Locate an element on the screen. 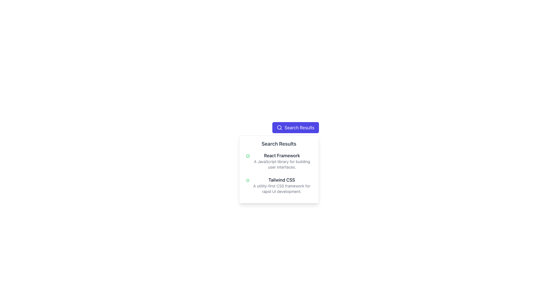  the Text Label that serves as a title for the search result item, located centrally below 'React Framework' and above the descriptive text is located at coordinates (282, 180).